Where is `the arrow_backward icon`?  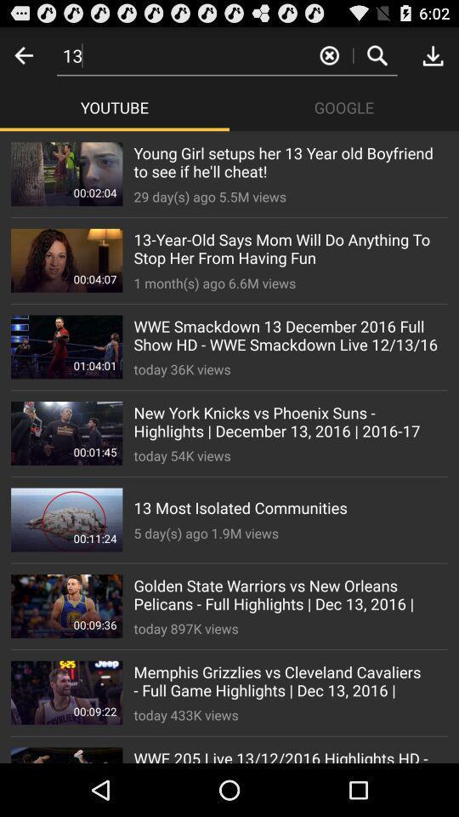 the arrow_backward icon is located at coordinates (22, 59).